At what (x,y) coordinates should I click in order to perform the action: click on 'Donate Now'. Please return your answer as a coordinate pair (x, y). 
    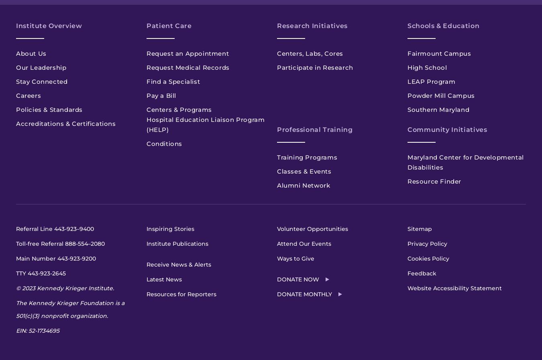
    Looking at the image, I should click on (276, 279).